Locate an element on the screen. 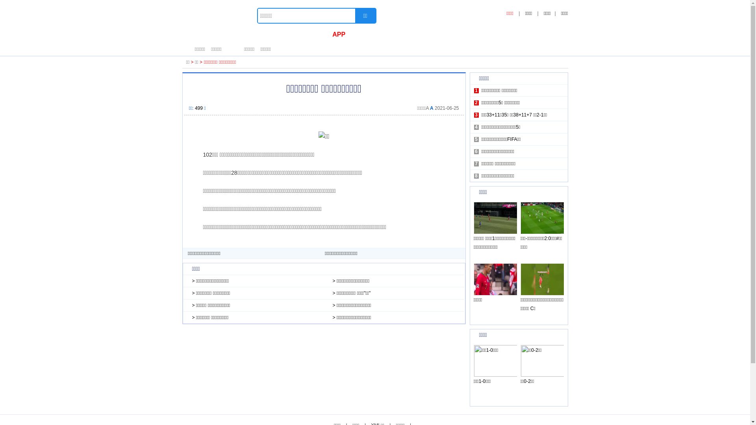  'APP' is located at coordinates (339, 34).